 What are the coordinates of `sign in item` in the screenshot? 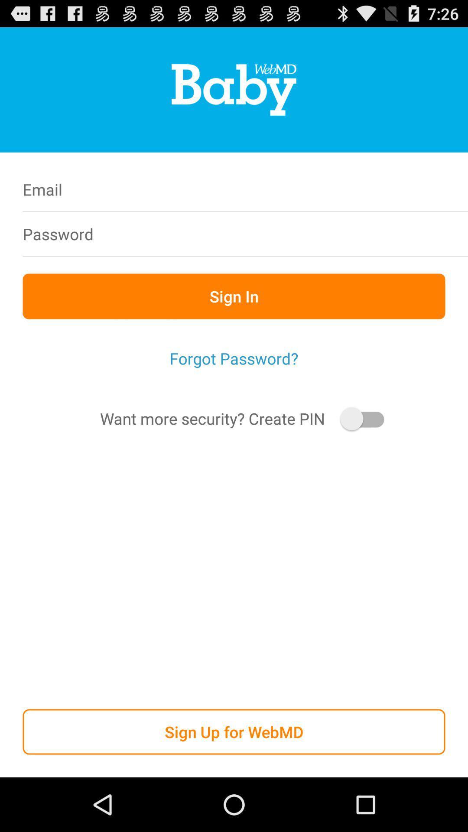 It's located at (234, 296).